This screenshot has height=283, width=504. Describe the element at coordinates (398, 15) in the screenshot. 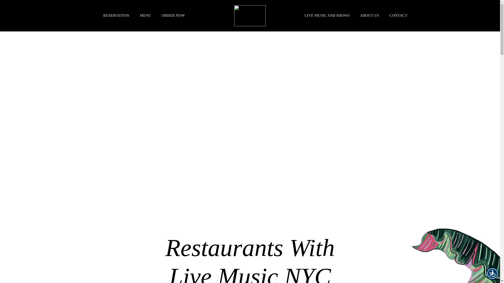

I see `'CONTACT'` at that location.